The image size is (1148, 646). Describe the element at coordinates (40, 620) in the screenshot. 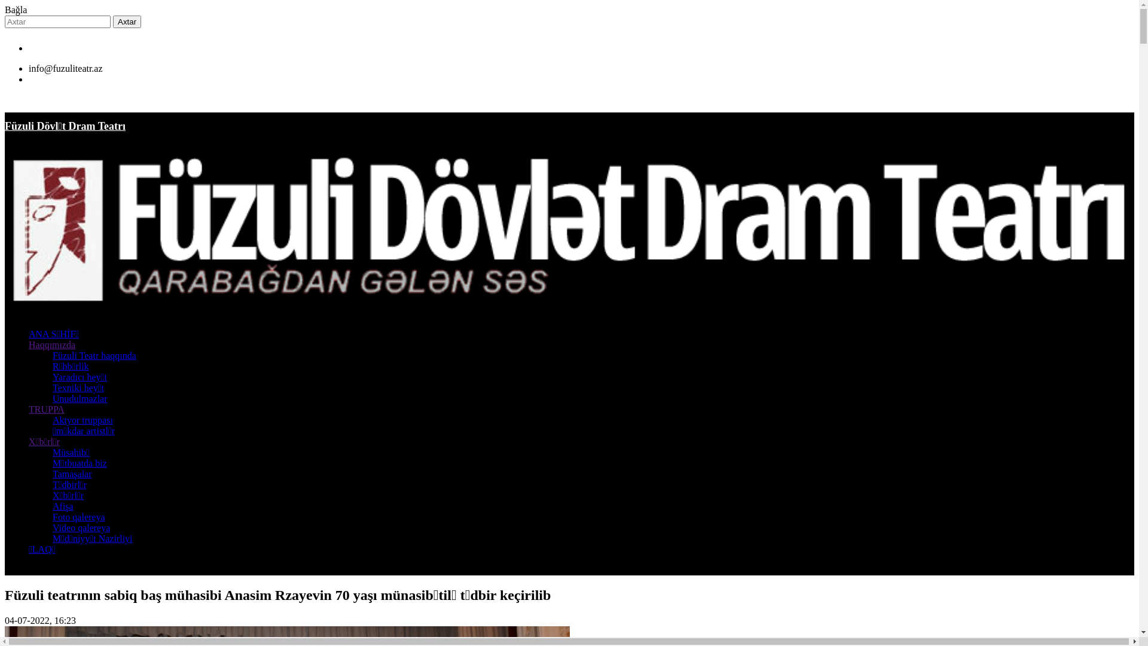

I see `'04-07-2022, 16:23'` at that location.